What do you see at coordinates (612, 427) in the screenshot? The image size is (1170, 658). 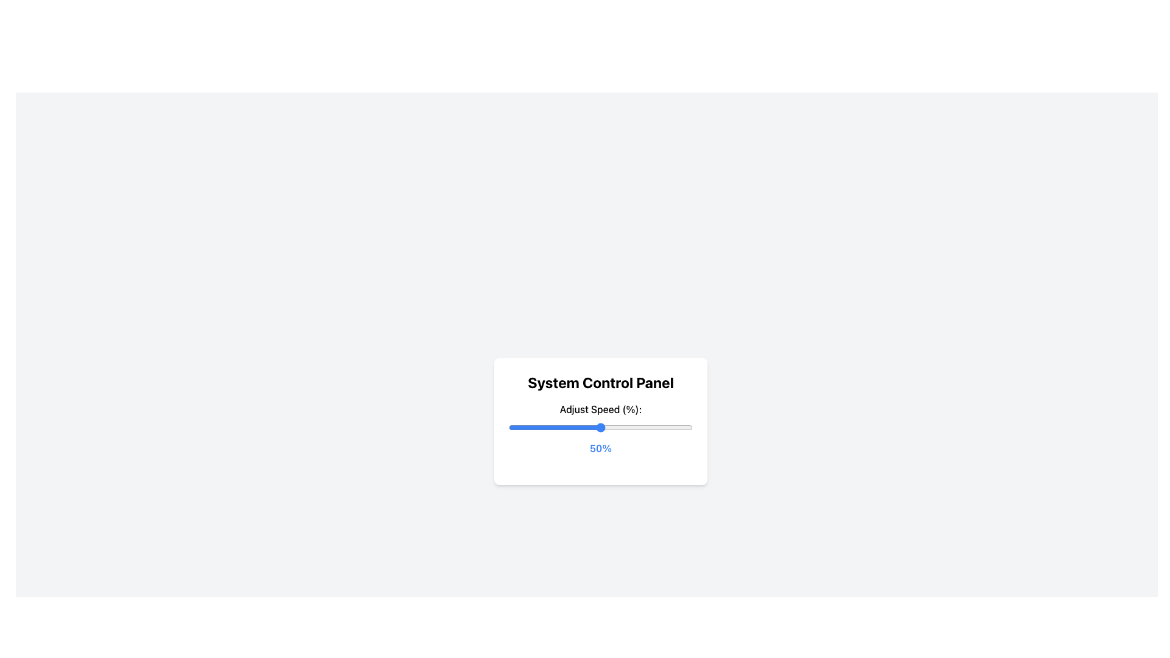 I see `the slider value` at bounding box center [612, 427].